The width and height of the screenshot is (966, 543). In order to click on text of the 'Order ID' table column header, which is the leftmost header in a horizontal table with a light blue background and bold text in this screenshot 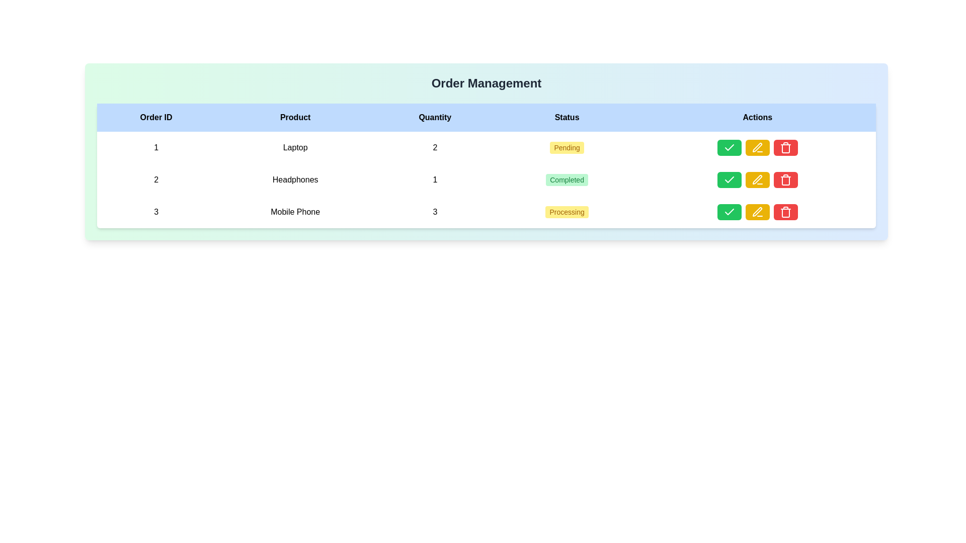, I will do `click(155, 117)`.